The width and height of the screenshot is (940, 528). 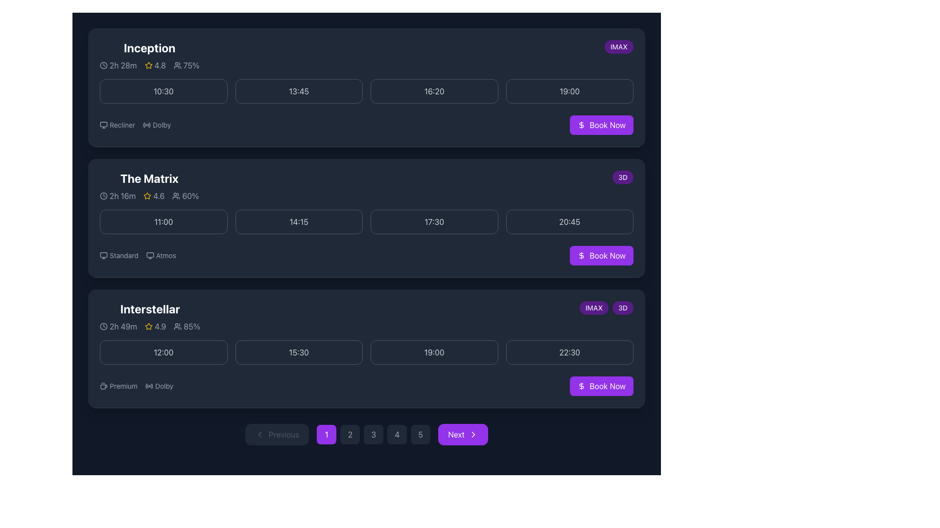 What do you see at coordinates (153, 196) in the screenshot?
I see `the Rating Display element that shows the average rating of the movie 'The Matrix'` at bounding box center [153, 196].